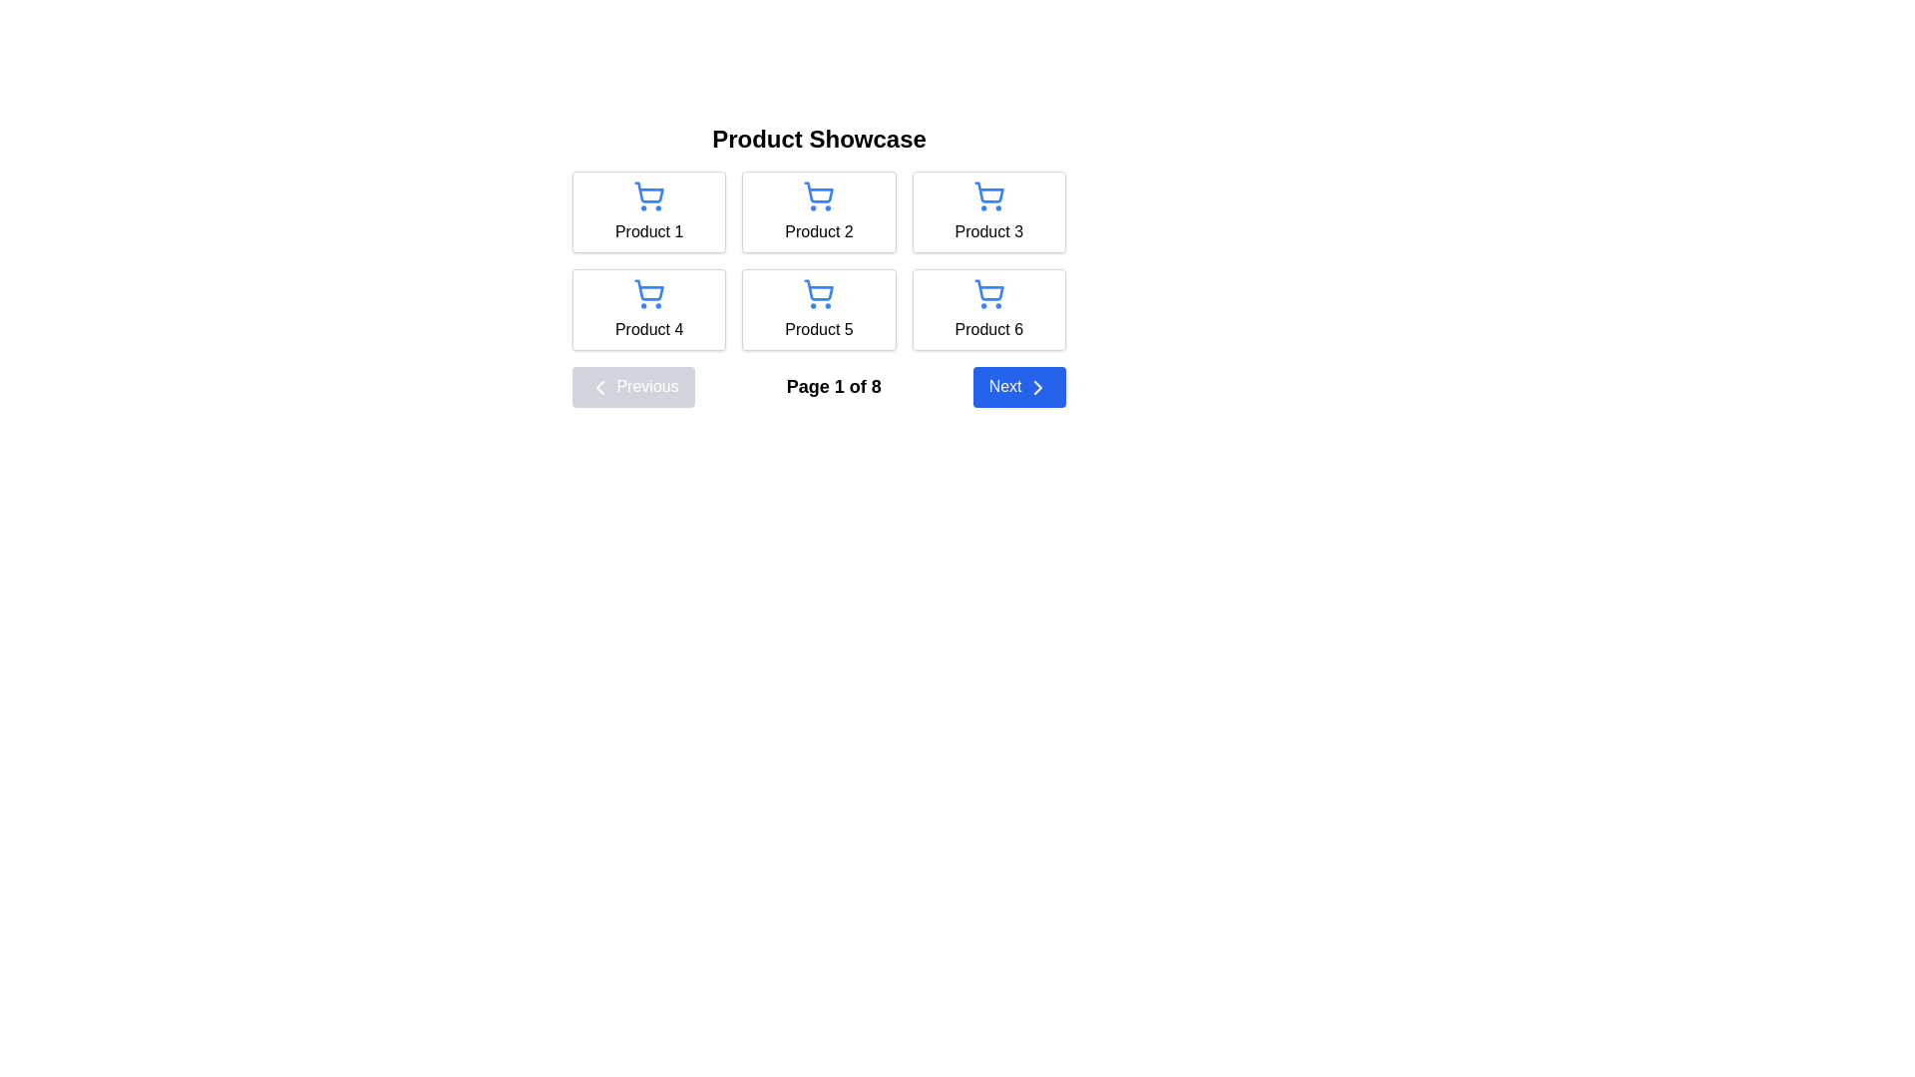  Describe the element at coordinates (819, 192) in the screenshot. I see `shopping cart icon in the second product card of the product grid, which is the main structural part of the SVG icon` at that location.